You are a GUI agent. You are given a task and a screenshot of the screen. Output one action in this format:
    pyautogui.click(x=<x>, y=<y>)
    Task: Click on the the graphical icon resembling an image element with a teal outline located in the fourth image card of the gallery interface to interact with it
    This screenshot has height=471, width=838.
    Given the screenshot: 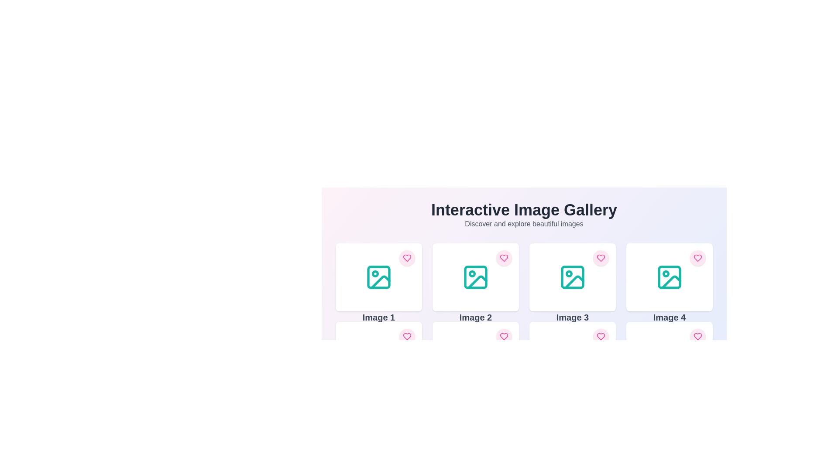 What is the action you would take?
    pyautogui.click(x=669, y=277)
    